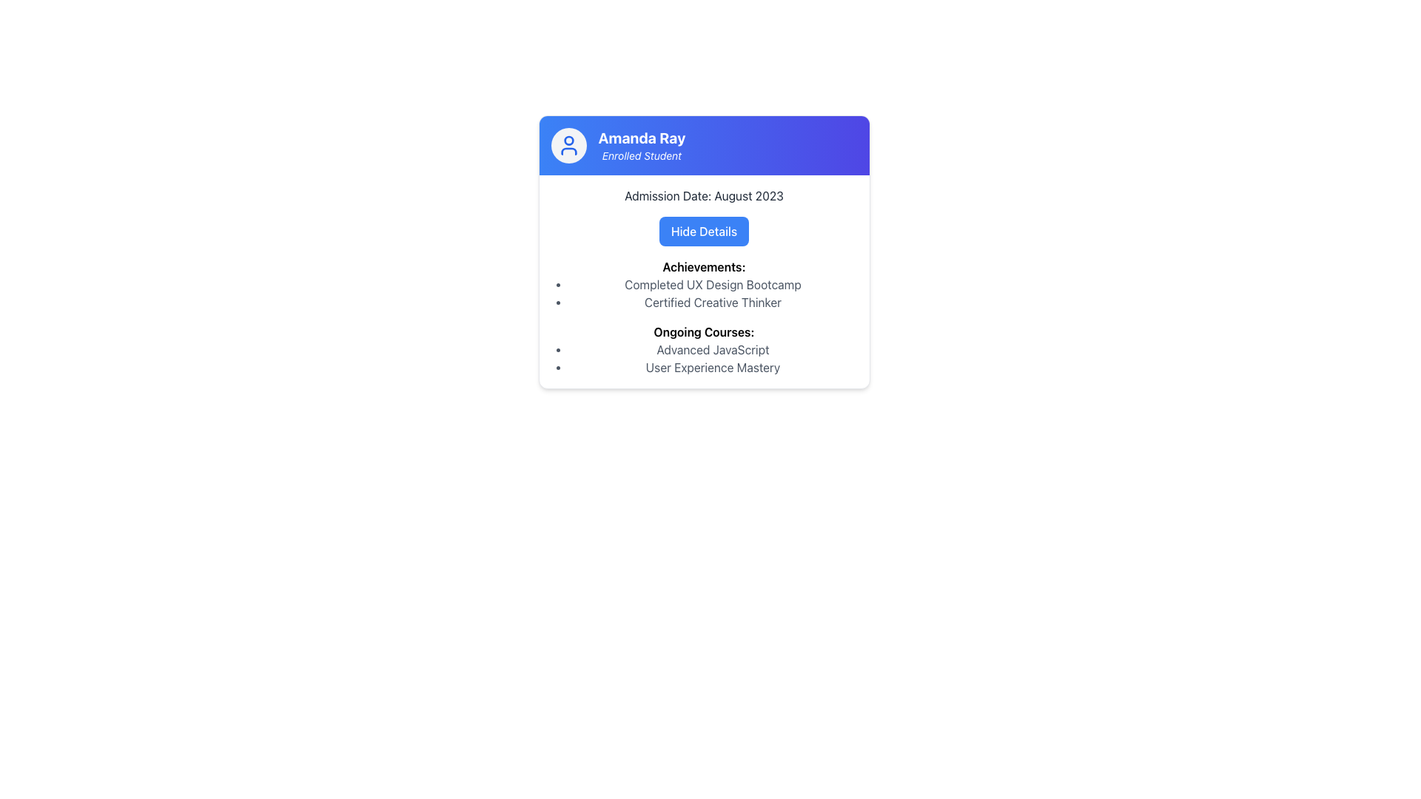 Image resolution: width=1421 pixels, height=799 pixels. I want to click on text displayed in the Bullet list under the 'Achievements:' section, which includes completed certifications such as 'Completed UX Design Bootcamp' and 'Certified Creative Thinker.', so click(703, 294).